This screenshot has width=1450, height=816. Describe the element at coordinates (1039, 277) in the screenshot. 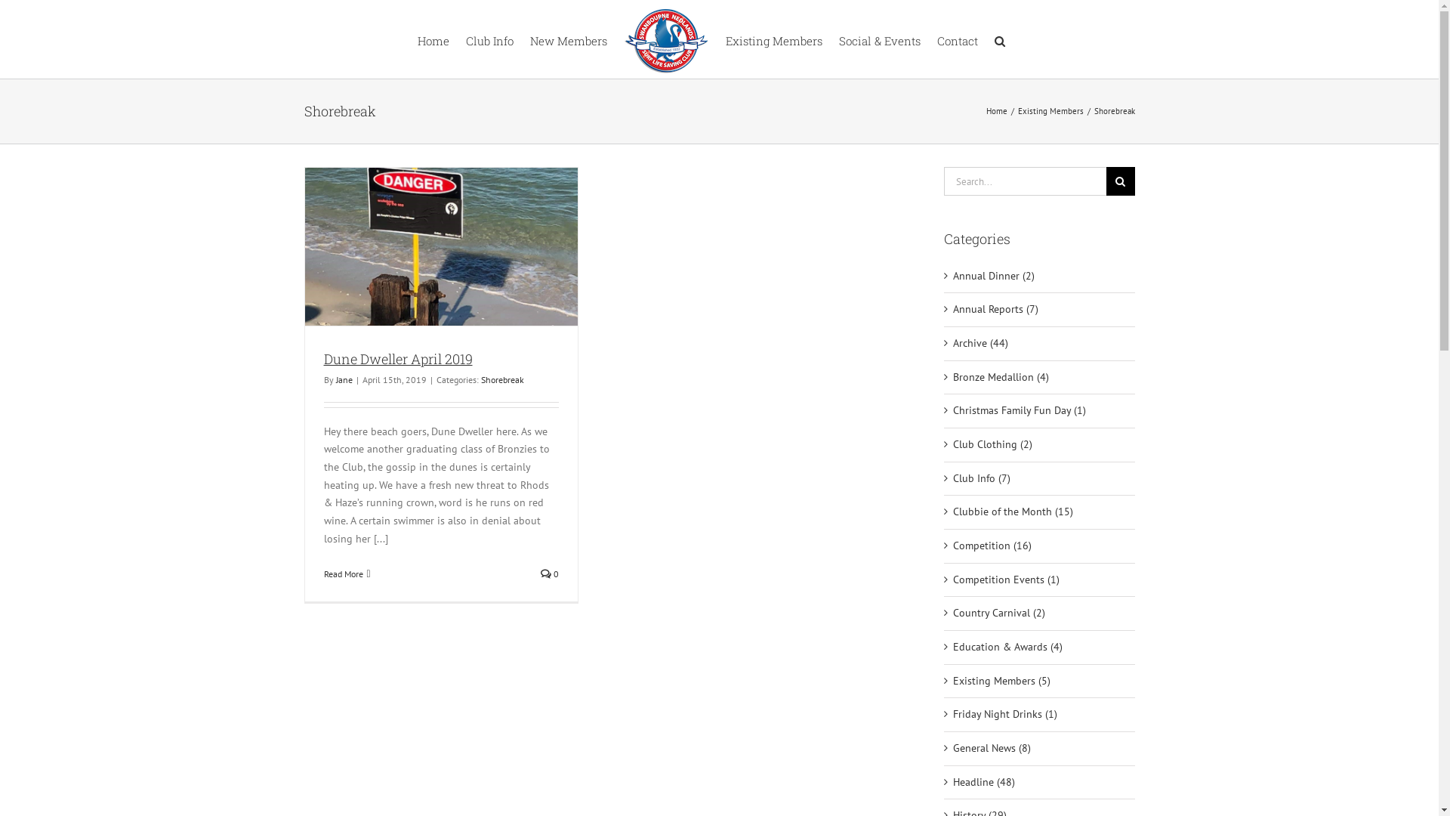

I see `'Annual Dinner (2)'` at that location.